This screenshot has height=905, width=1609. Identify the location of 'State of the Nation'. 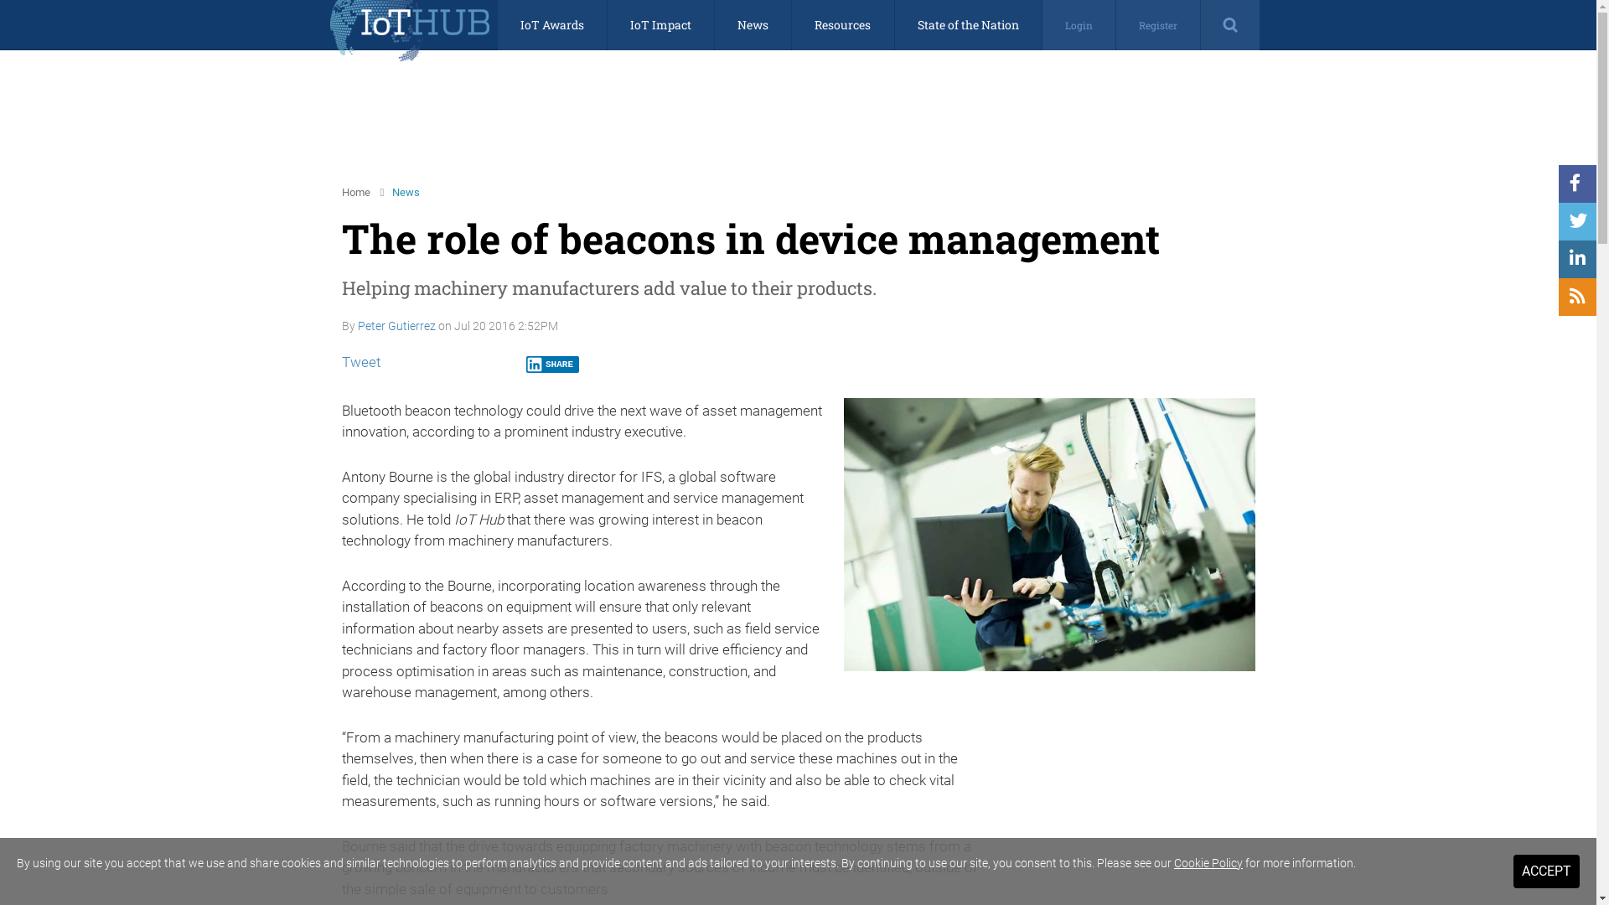
(968, 25).